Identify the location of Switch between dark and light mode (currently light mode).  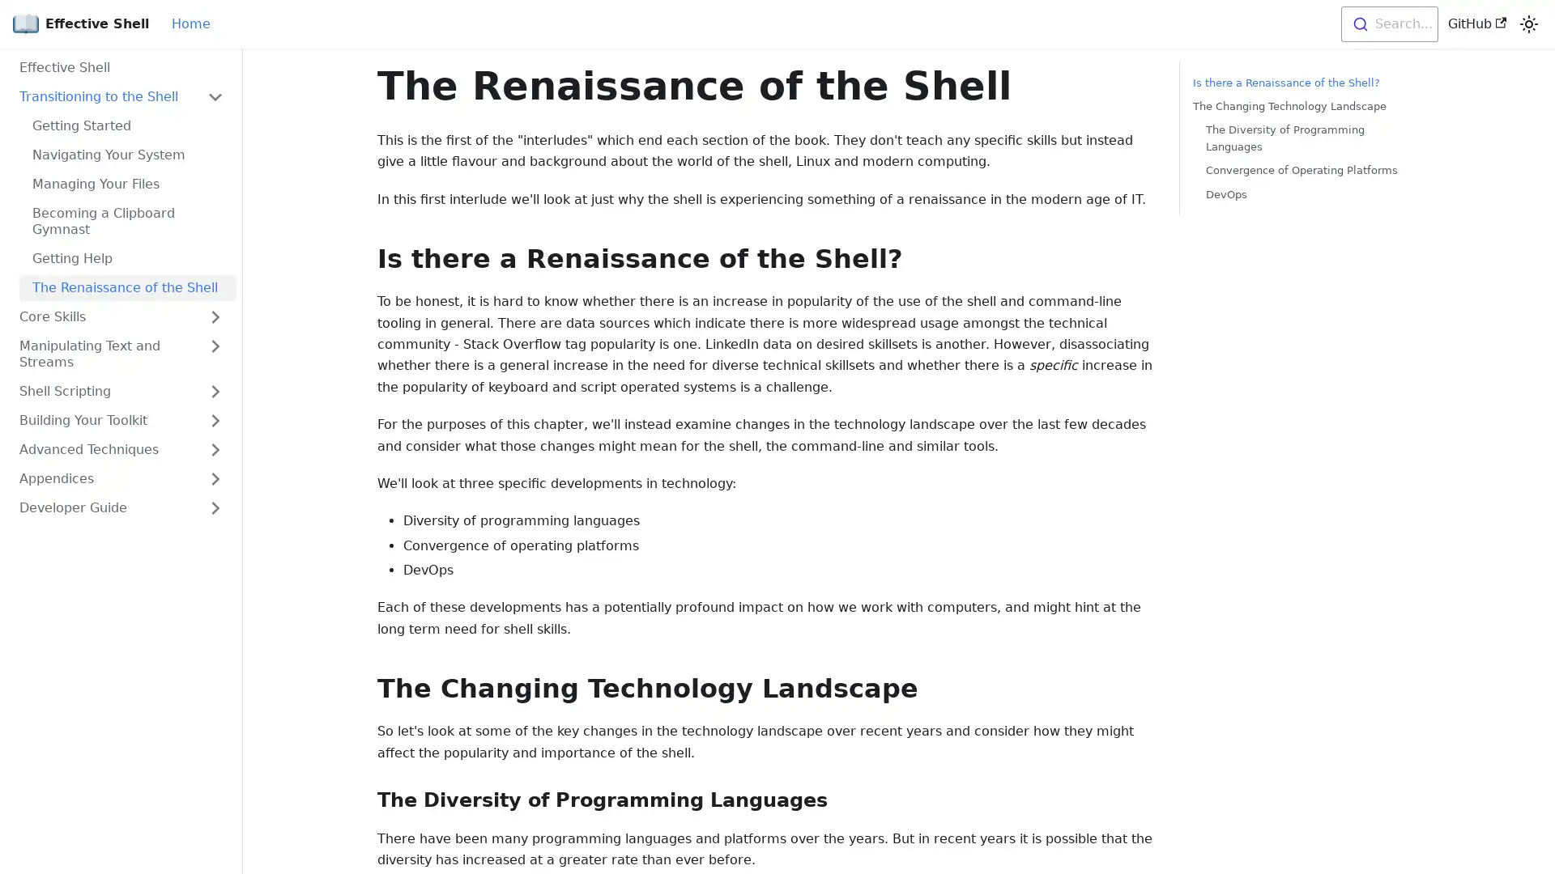
(1527, 24).